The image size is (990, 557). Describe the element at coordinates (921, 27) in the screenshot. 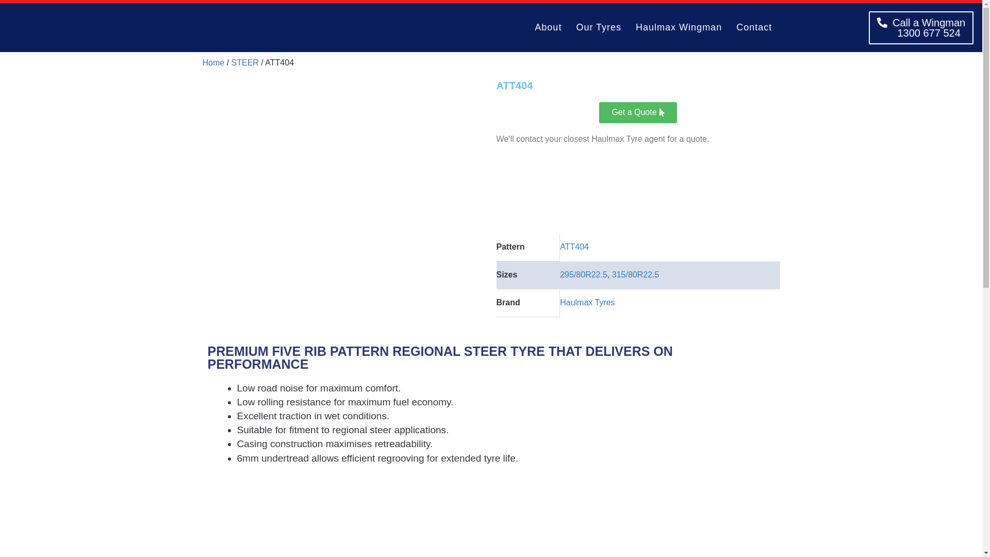

I see `'Call a Wingman` at that location.